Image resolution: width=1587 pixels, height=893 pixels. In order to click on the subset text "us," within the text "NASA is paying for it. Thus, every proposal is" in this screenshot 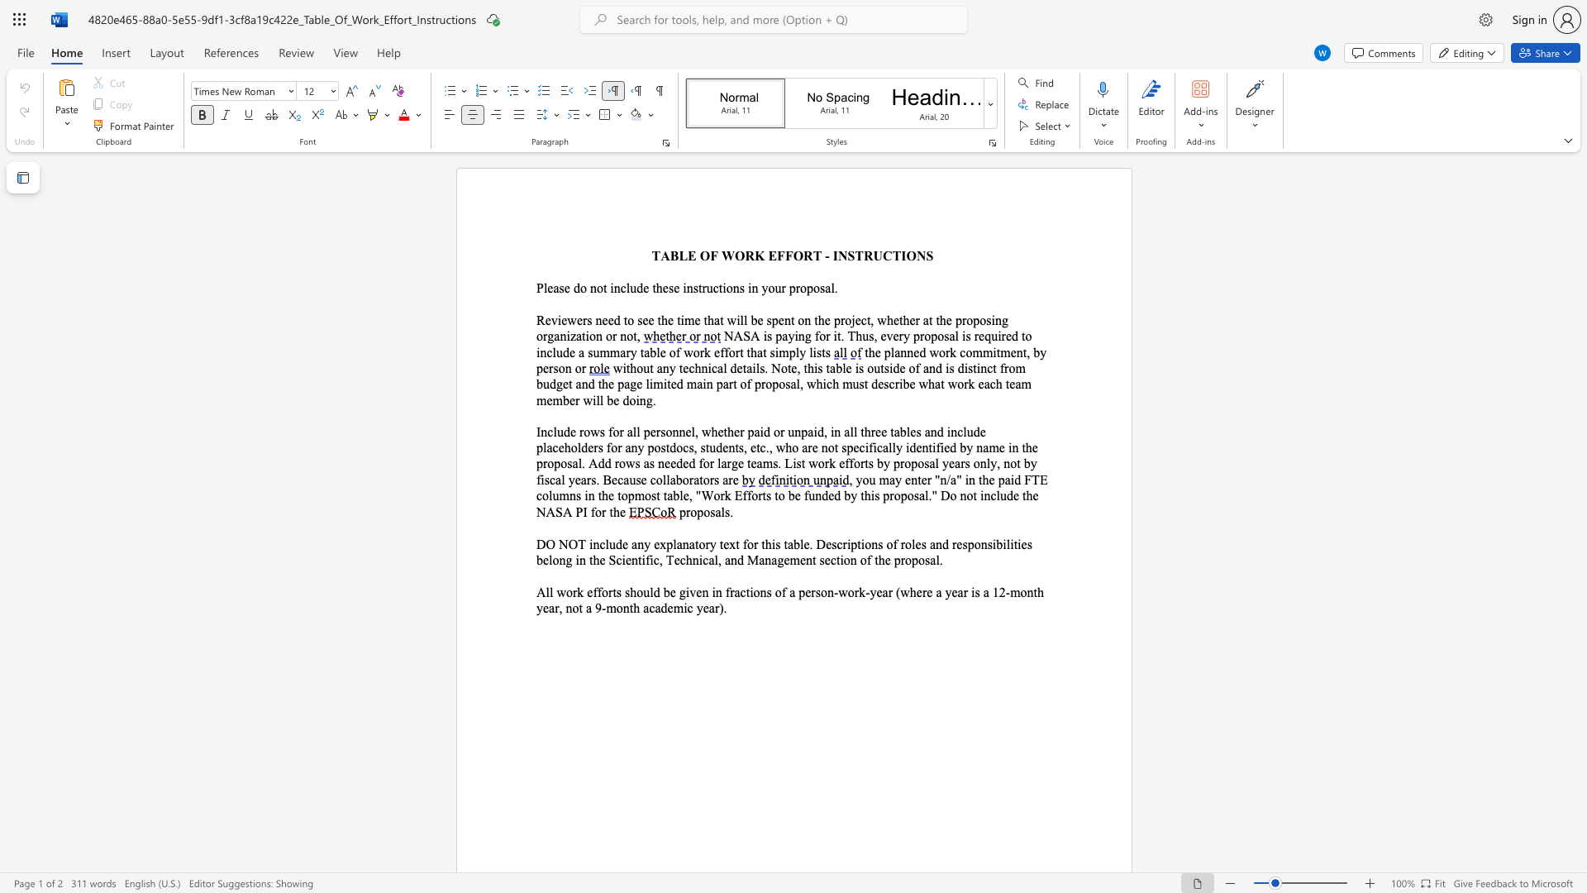, I will do `click(861, 335)`.